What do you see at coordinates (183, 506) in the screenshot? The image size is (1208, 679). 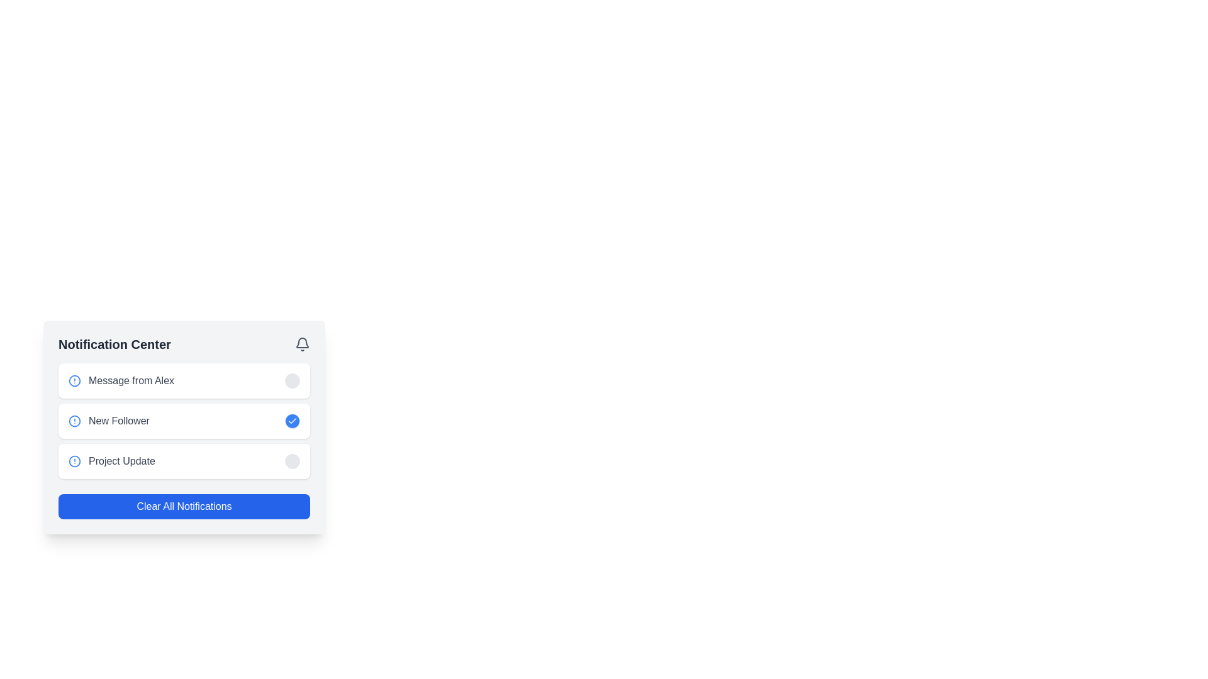 I see `the 'Clear Notifications' button located at the bottom of the notification panel` at bounding box center [183, 506].